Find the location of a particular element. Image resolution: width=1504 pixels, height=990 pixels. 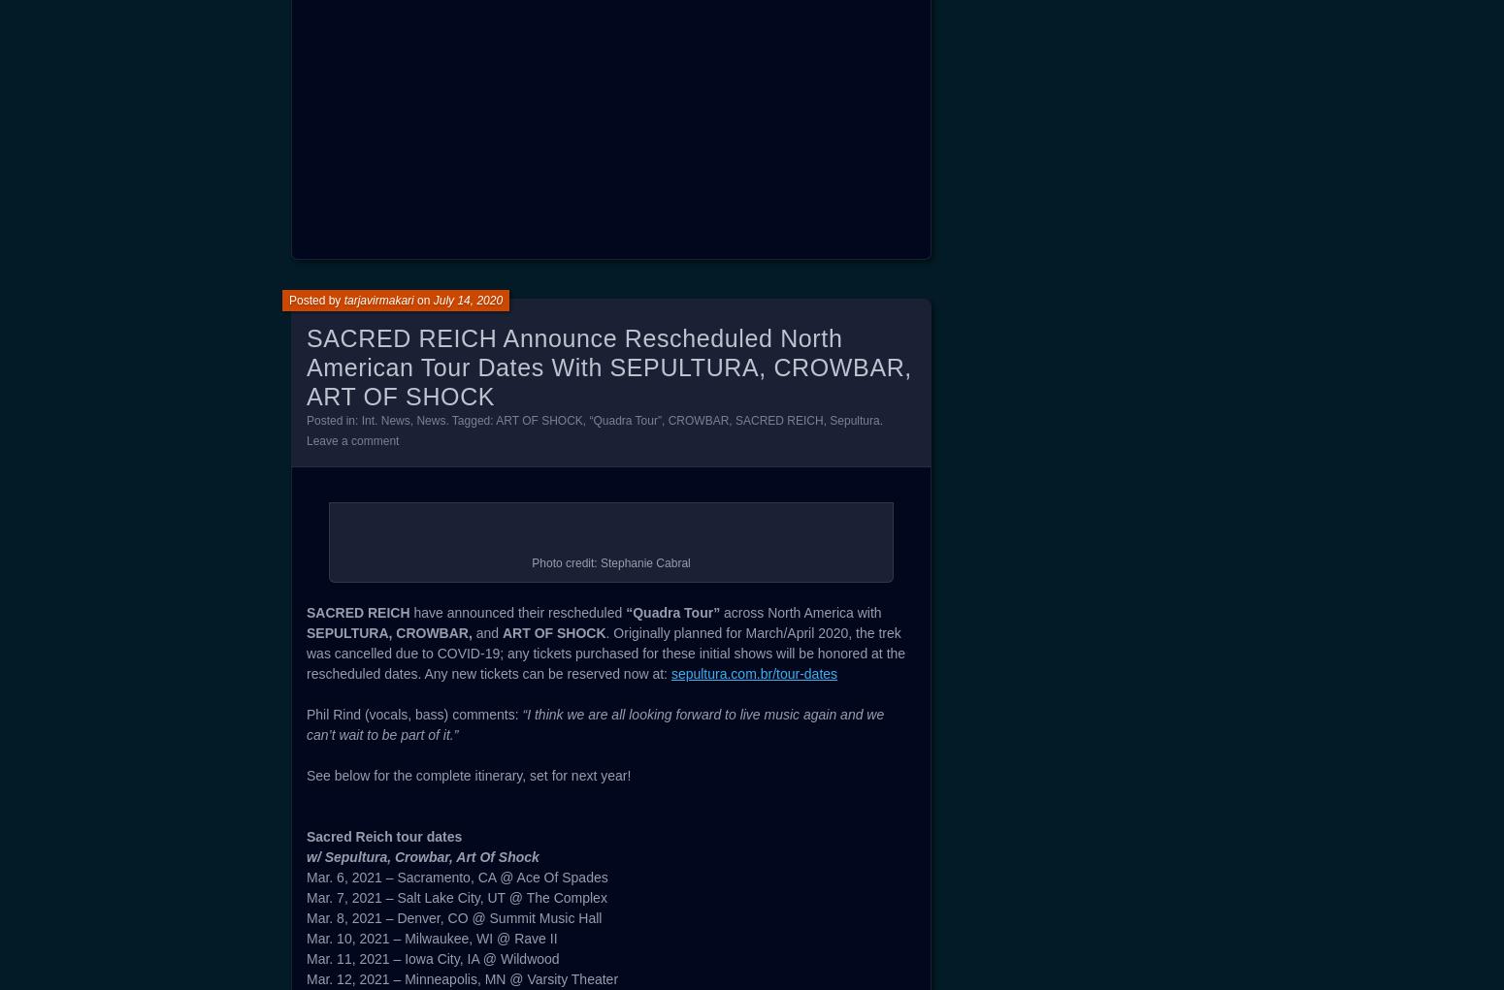

'7. Another Breath (ft. Kirk Windstein)' is located at coordinates (416, 89).